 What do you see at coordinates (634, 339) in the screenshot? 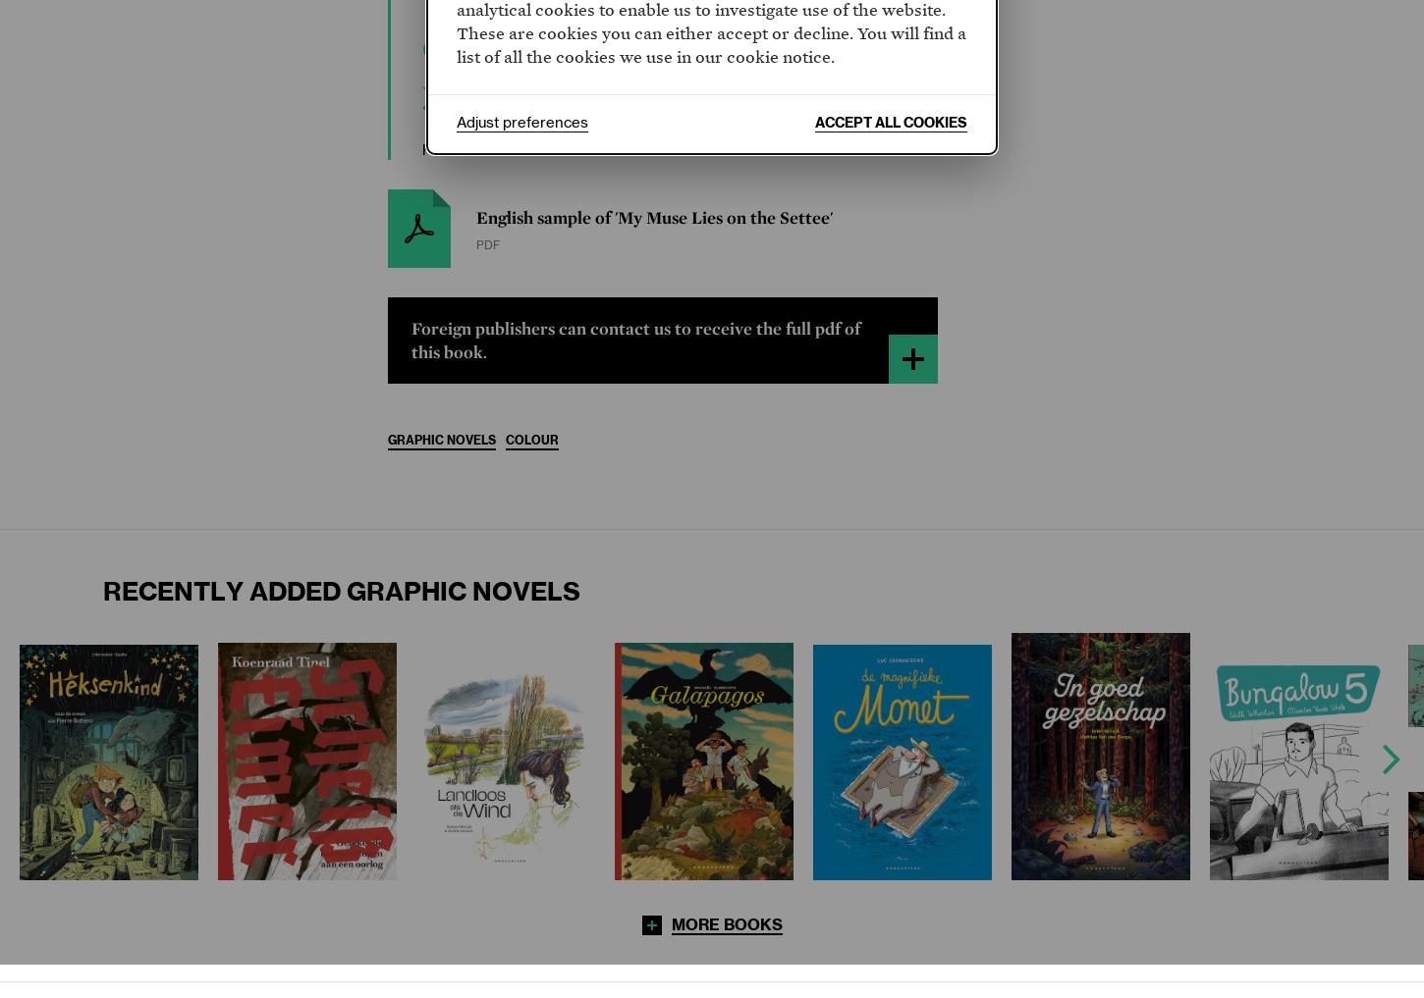
I see `'Foreign publishers can contact us to receive the full pdf of this book.'` at bounding box center [634, 339].